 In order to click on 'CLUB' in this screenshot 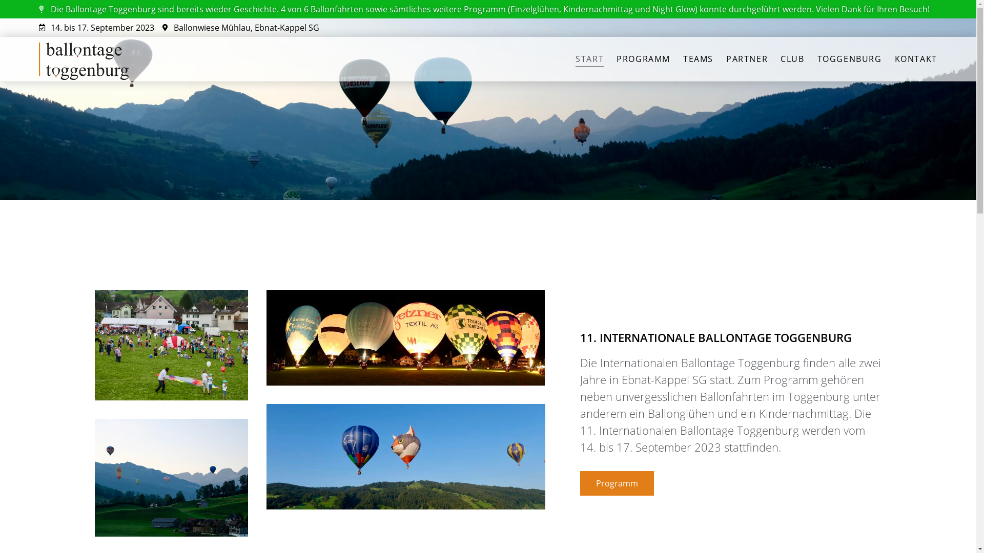, I will do `click(791, 59)`.